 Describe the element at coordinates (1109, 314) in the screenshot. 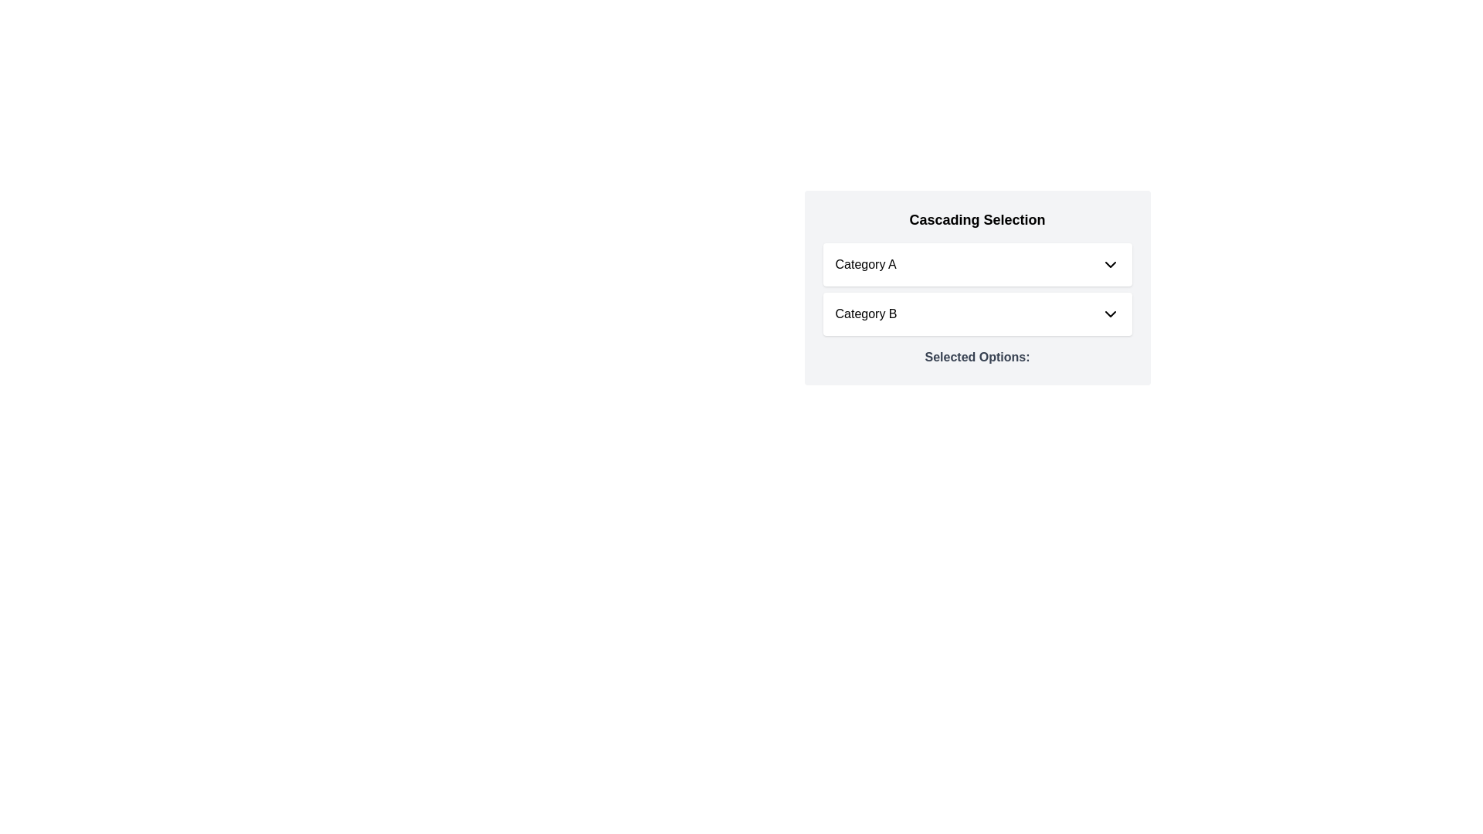

I see `the chevron icon located at the far-right side of the 'Category B' section` at that location.